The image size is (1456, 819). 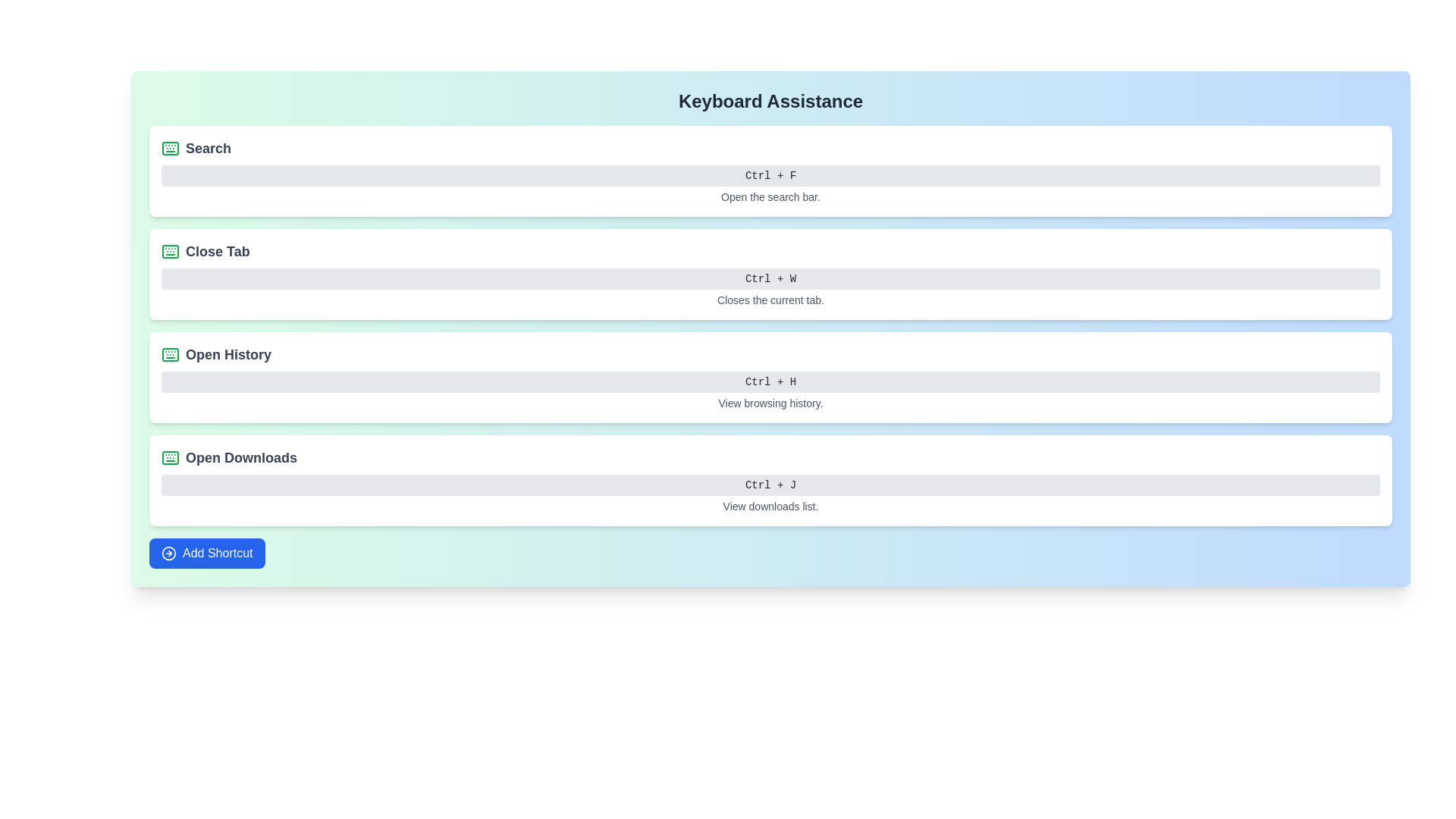 I want to click on the Text Label that describes the functionality, so click(x=227, y=354).